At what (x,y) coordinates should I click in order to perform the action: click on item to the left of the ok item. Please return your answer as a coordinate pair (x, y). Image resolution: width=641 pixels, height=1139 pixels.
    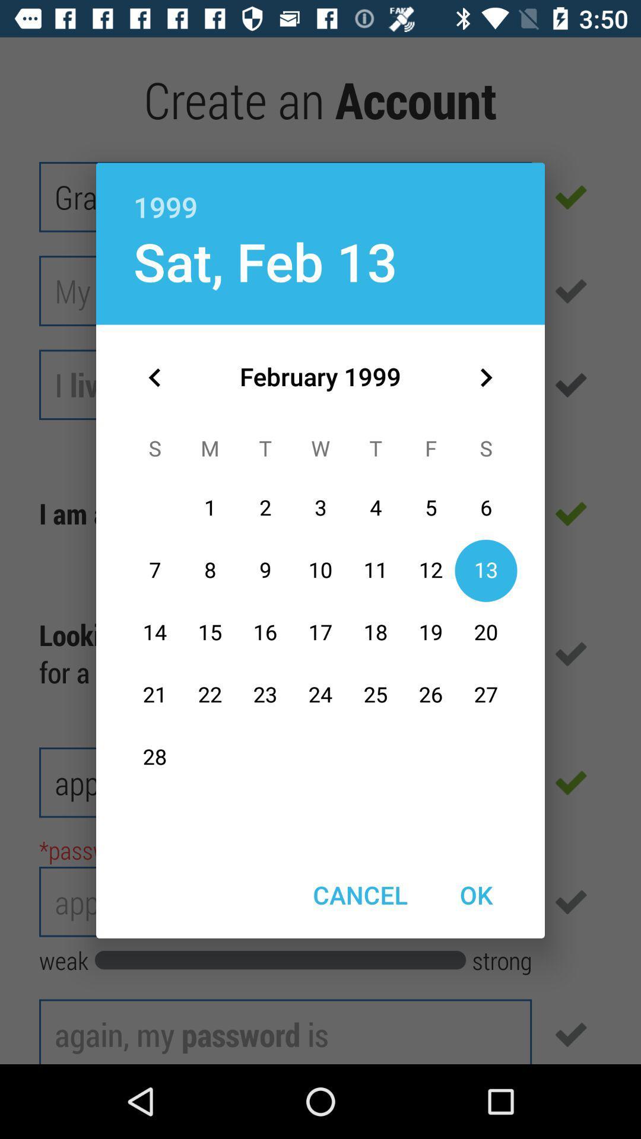
    Looking at the image, I should click on (360, 895).